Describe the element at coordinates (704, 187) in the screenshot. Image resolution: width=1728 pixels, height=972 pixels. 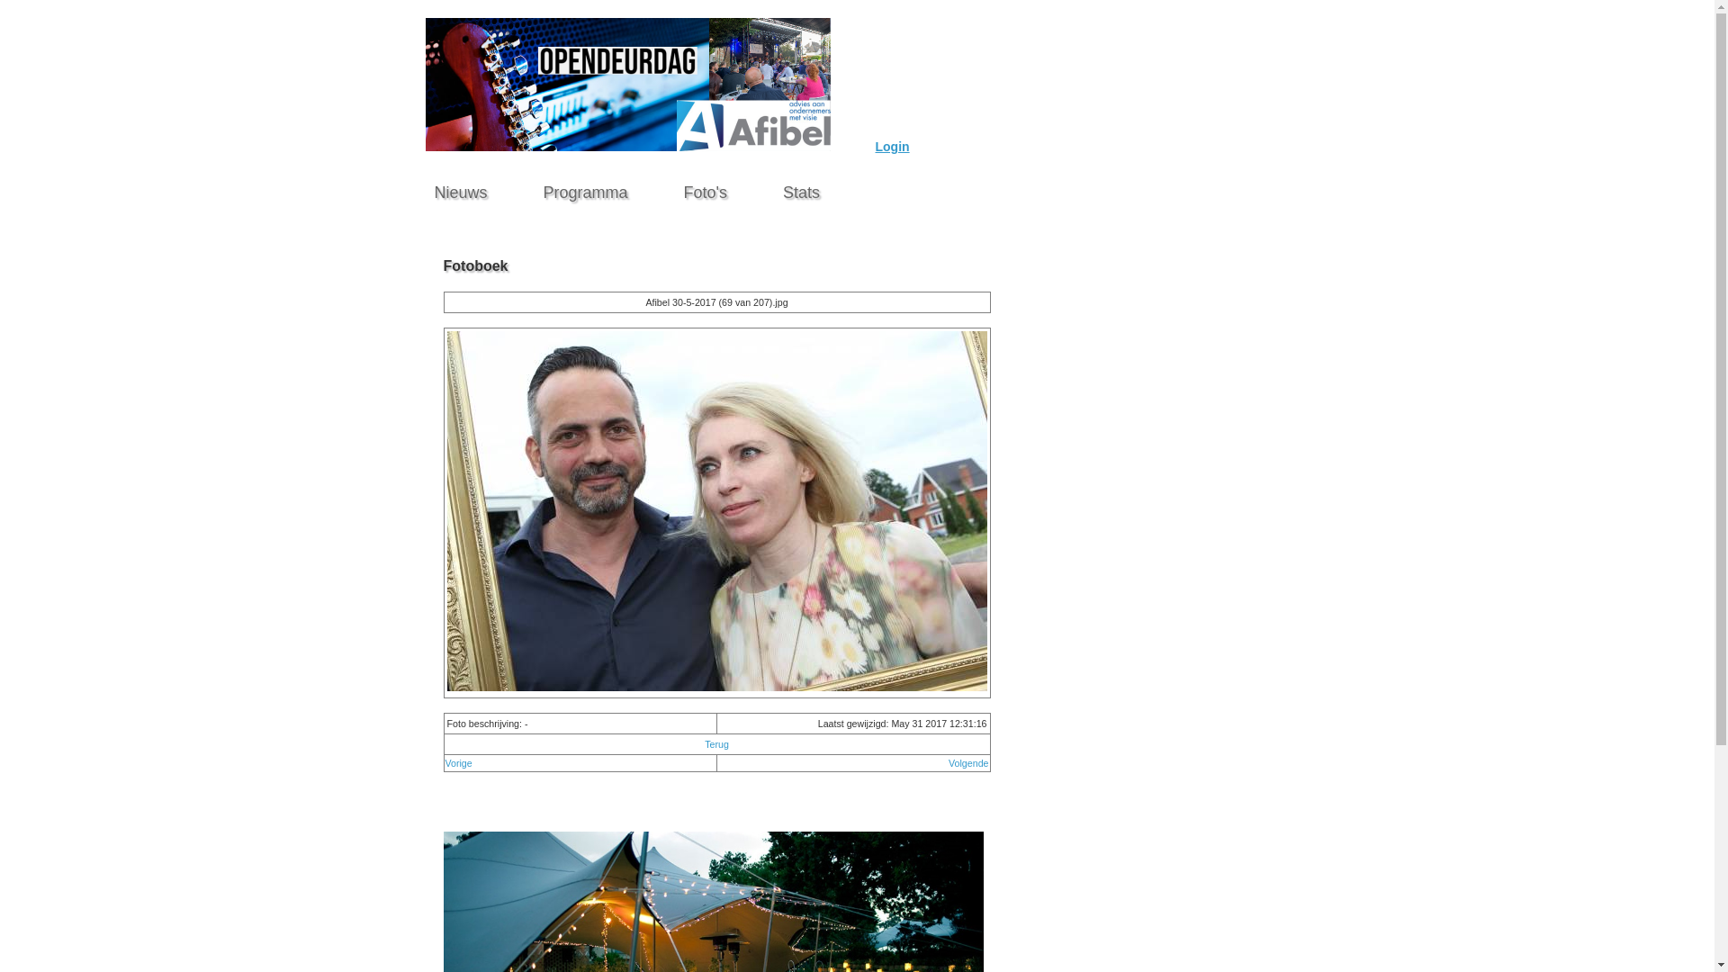
I see `'Foto's'` at that location.